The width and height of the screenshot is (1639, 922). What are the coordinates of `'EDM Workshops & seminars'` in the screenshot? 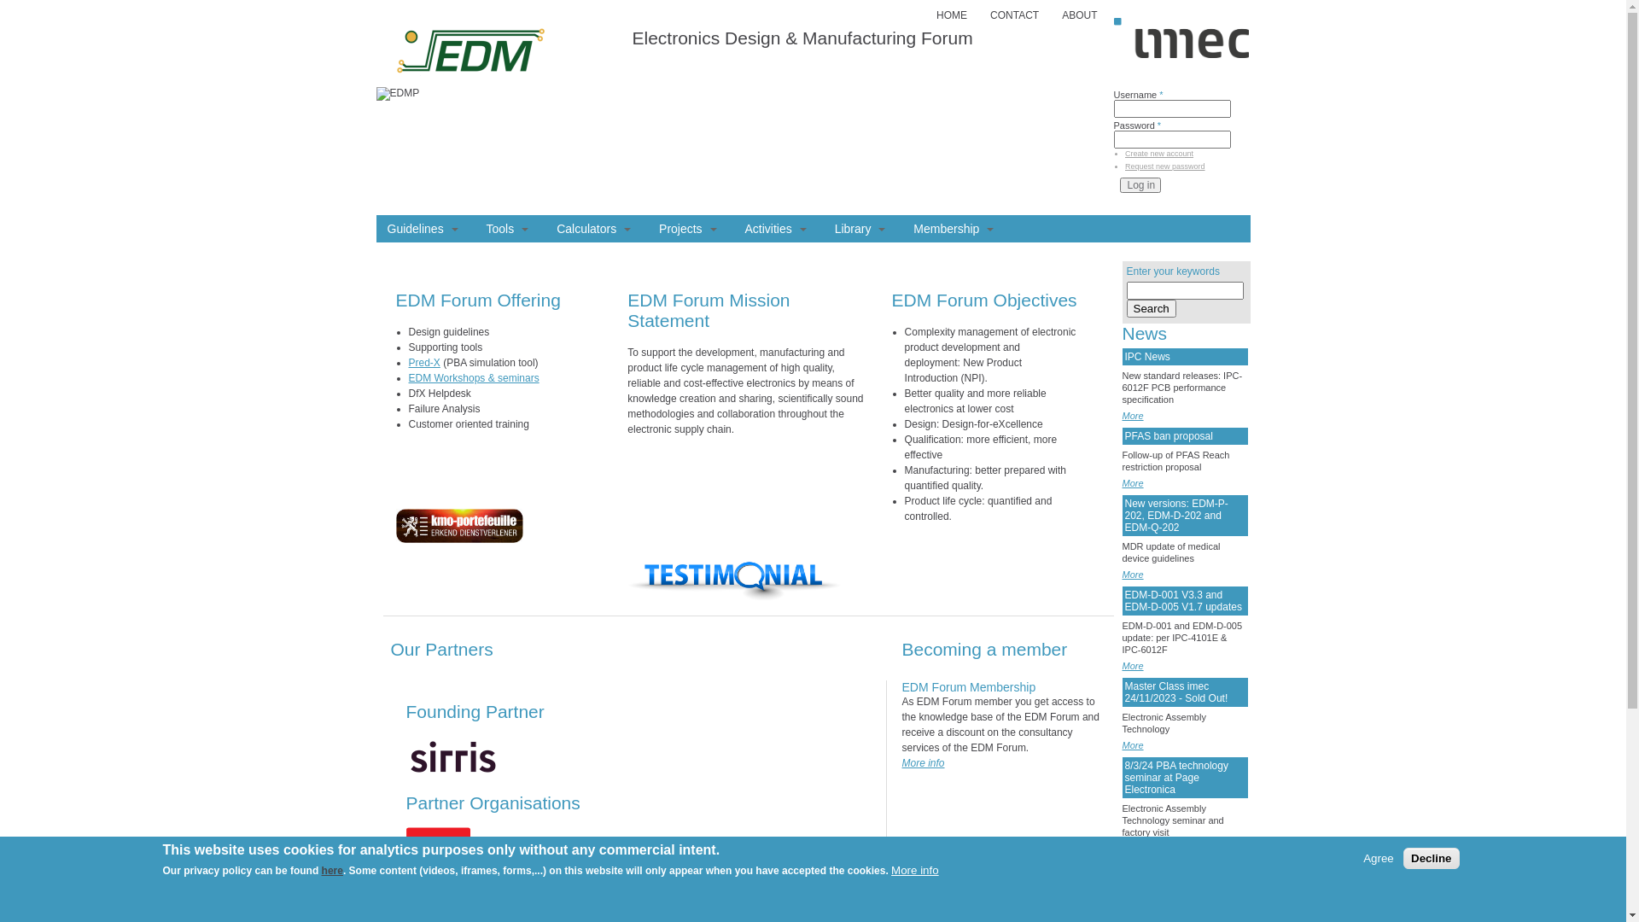 It's located at (407, 377).